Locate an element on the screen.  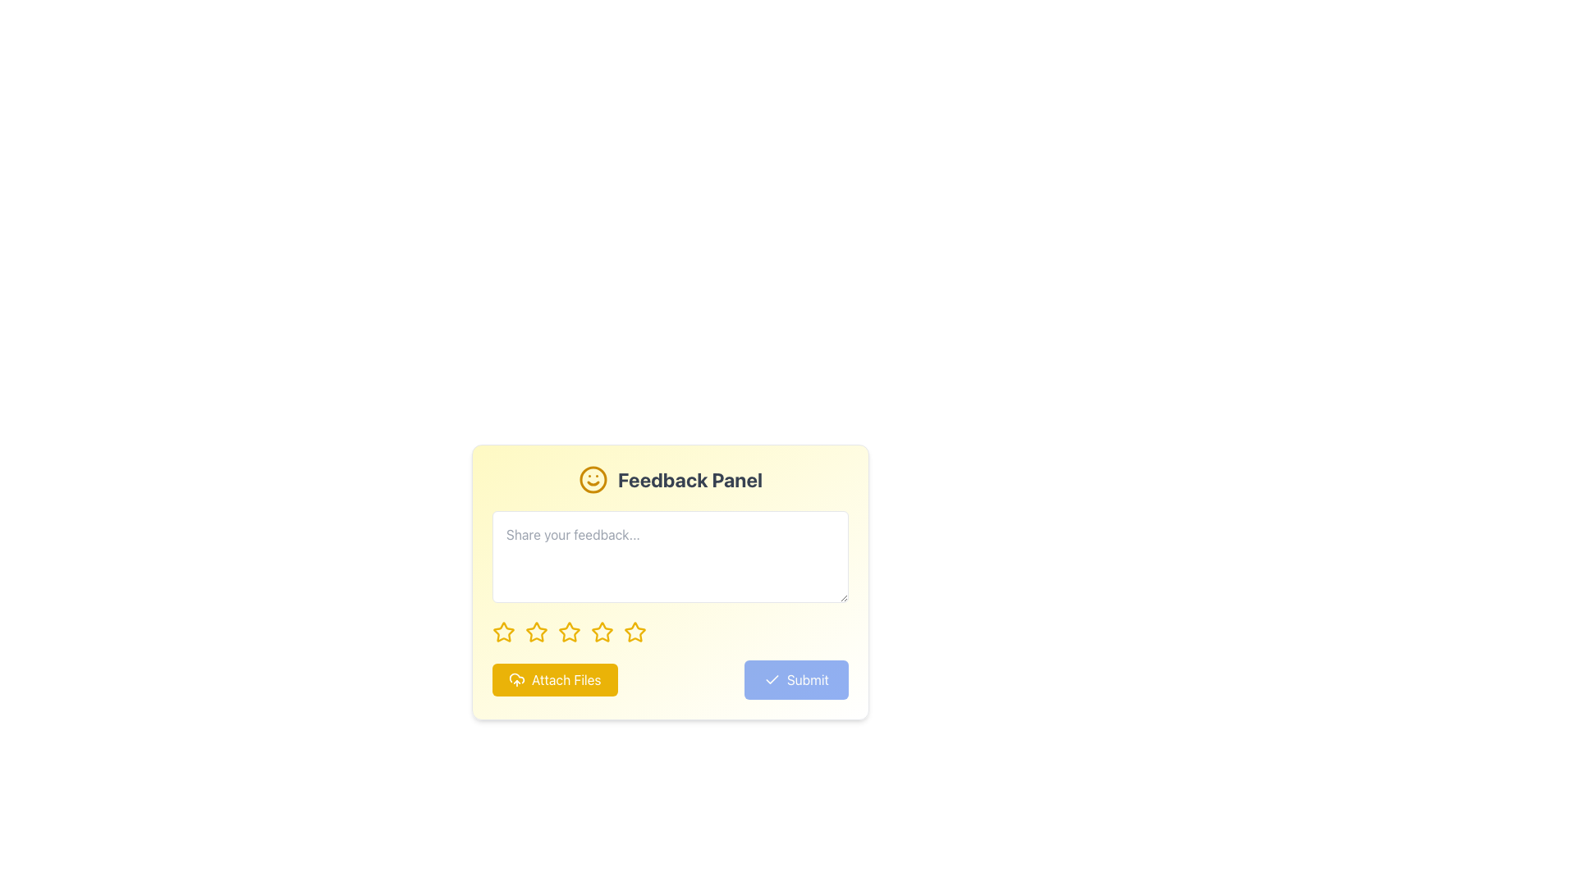
the fifth rating star in the feedback panel is located at coordinates (634, 631).